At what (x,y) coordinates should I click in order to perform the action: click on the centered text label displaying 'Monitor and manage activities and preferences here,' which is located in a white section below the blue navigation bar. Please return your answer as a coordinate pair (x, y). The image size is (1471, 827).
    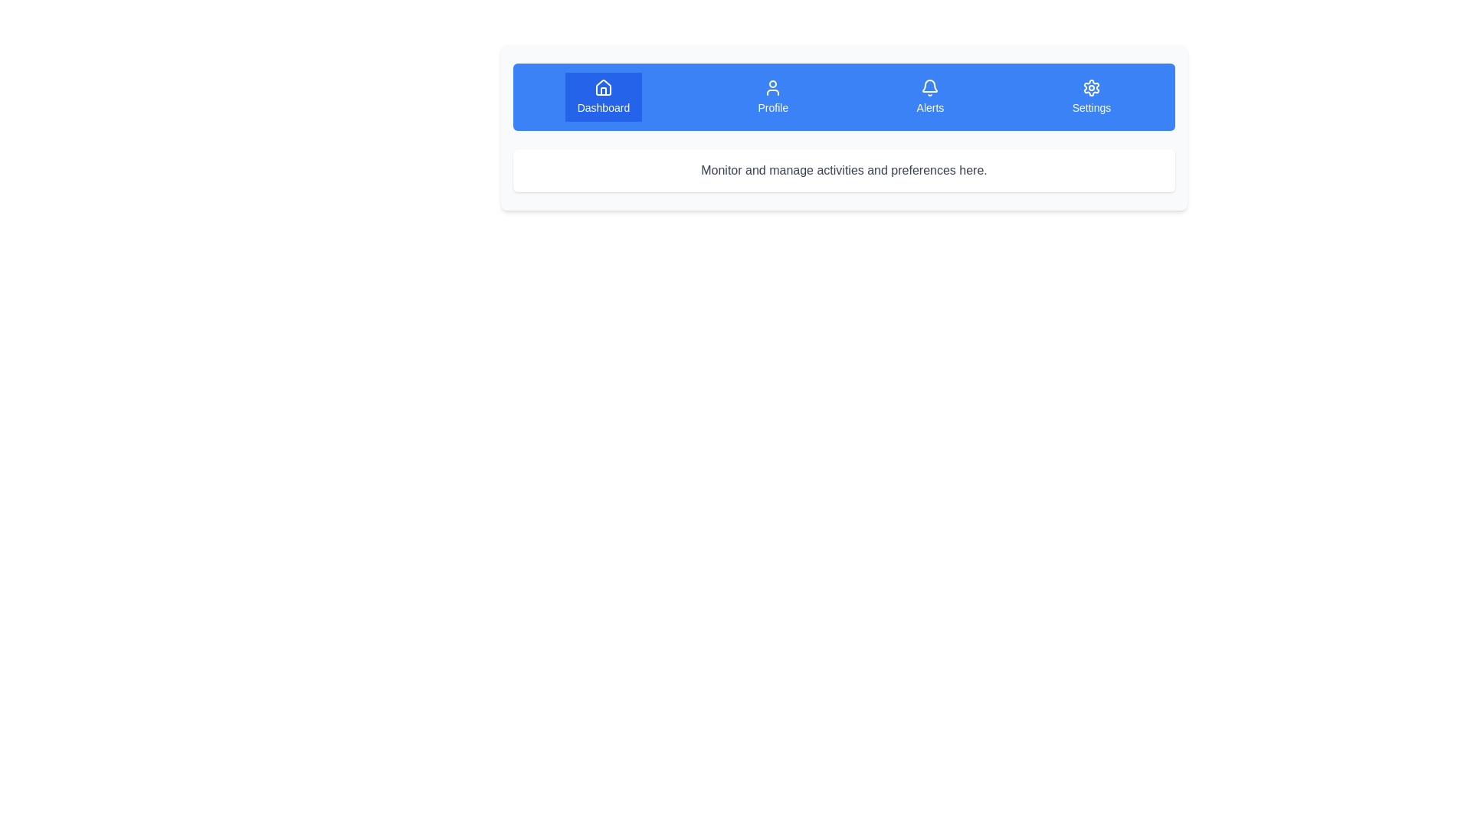
    Looking at the image, I should click on (844, 171).